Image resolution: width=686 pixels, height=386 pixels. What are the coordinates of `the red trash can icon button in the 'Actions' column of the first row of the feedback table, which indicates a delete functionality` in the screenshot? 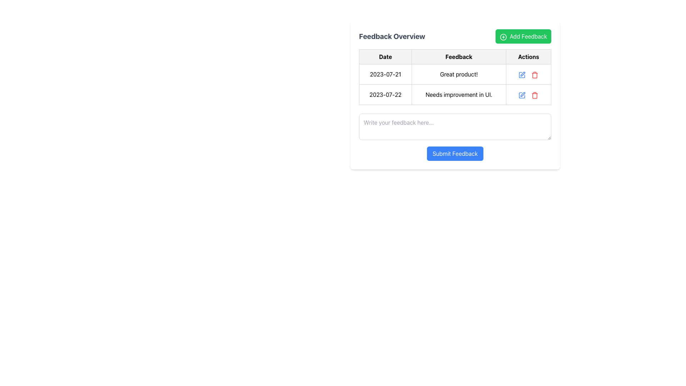 It's located at (535, 74).